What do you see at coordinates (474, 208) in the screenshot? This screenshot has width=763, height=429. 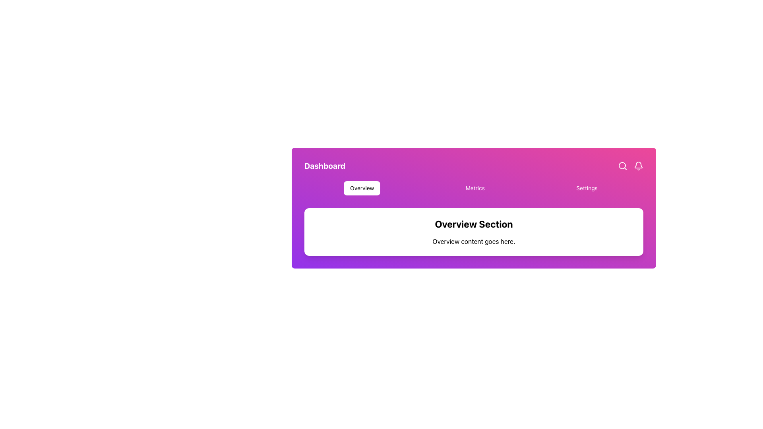 I see `the 'Overview', 'Metrics', or 'Settings' button in the gradient-colored navigation header section located below the main header` at bounding box center [474, 208].